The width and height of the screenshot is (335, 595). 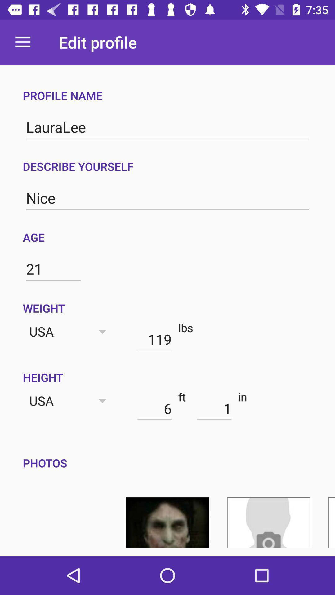 I want to click on 21, so click(x=53, y=269).